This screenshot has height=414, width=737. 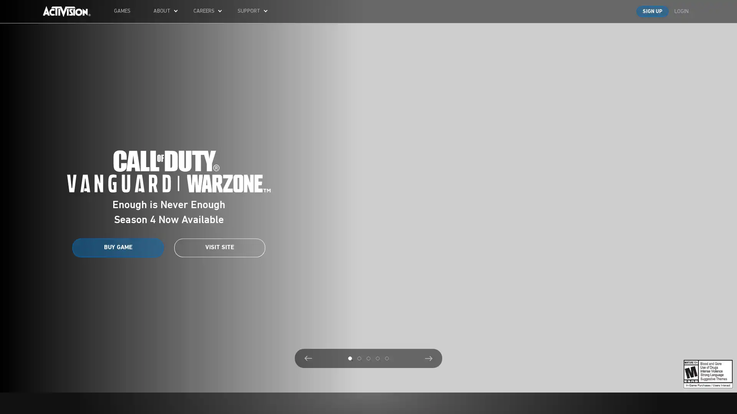 What do you see at coordinates (368, 358) in the screenshot?
I see `3` at bounding box center [368, 358].